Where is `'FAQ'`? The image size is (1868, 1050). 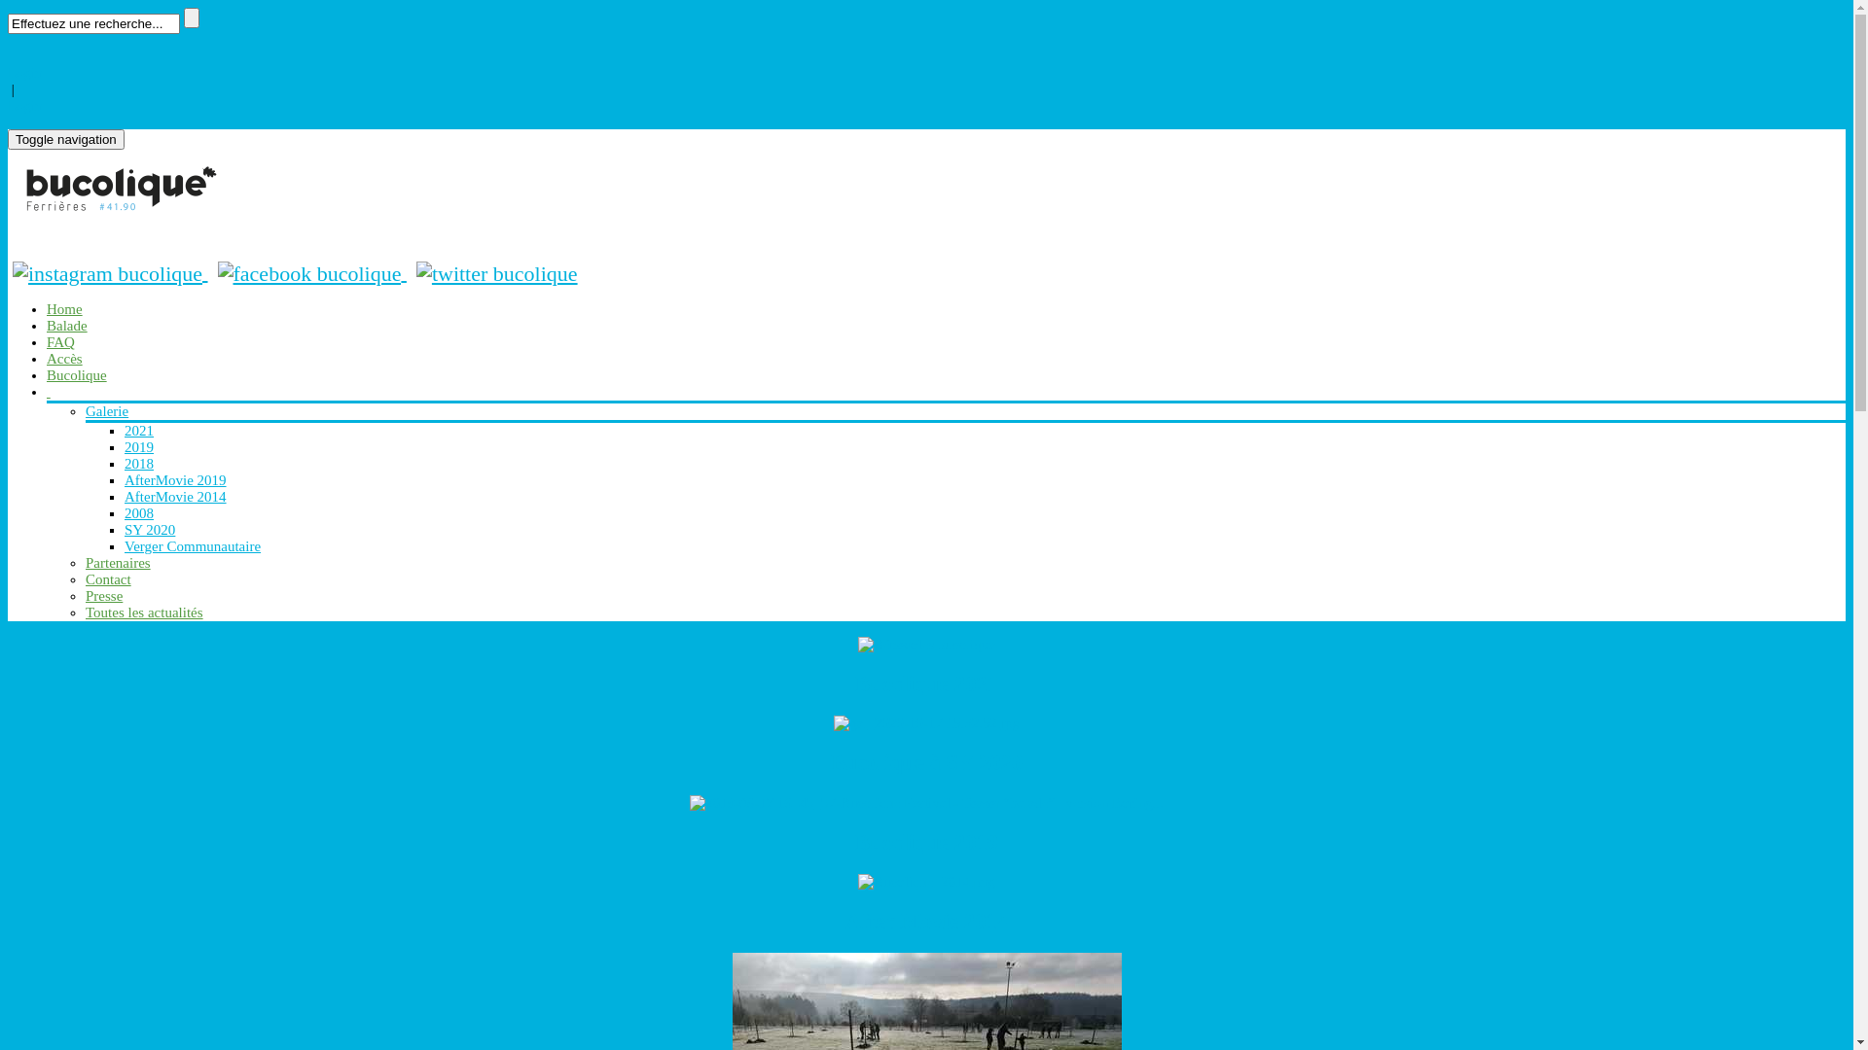 'FAQ' is located at coordinates (47, 340).